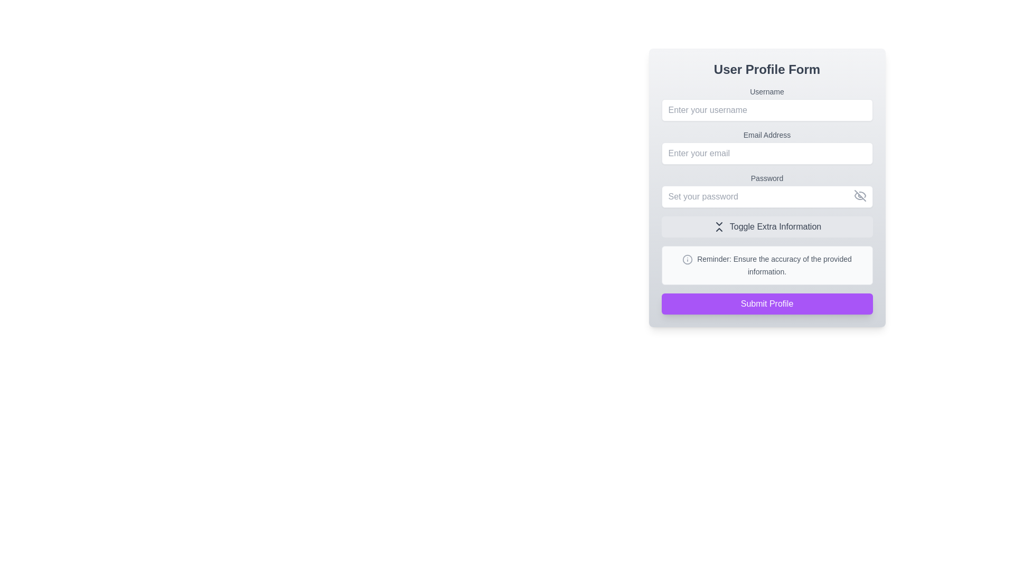  I want to click on the toggle button labeled 'Toggle Extra Information' which has a light gray background and rounded corners, so click(767, 226).